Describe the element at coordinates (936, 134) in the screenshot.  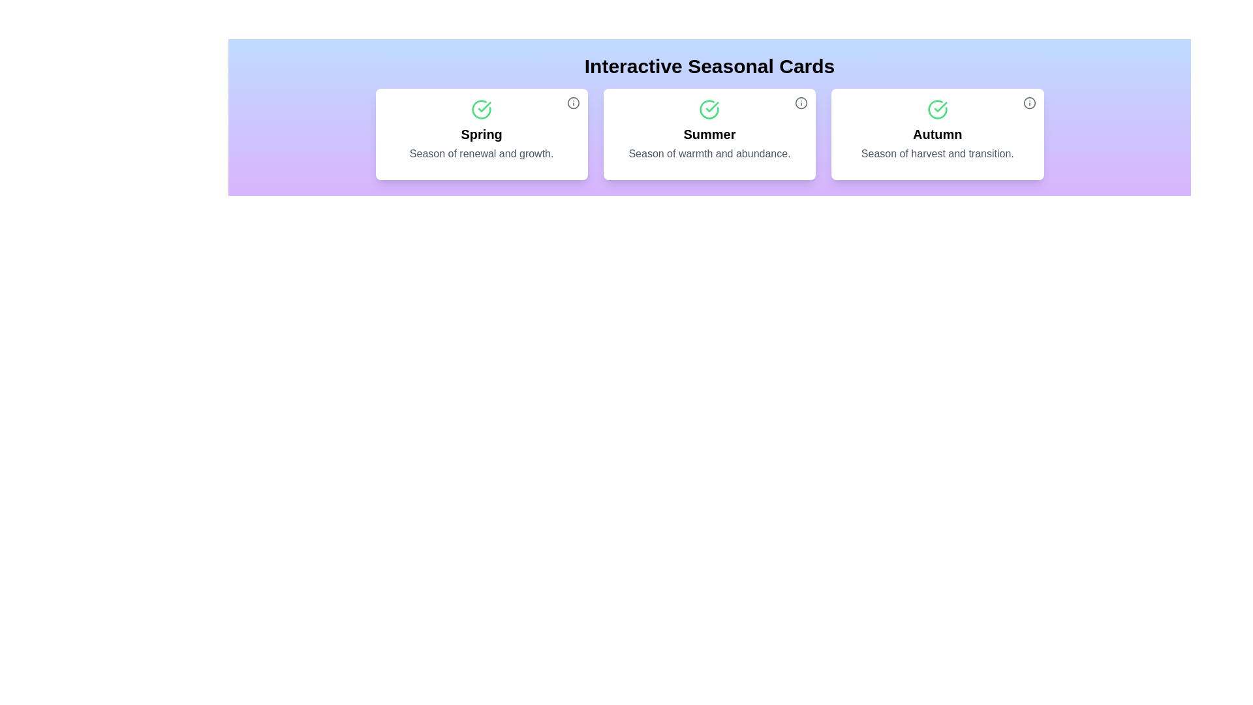
I see `the Information card displaying 'Autumn' with a green checkmark icon, positioned in the grid layout, by moving the cursor to its center point` at that location.